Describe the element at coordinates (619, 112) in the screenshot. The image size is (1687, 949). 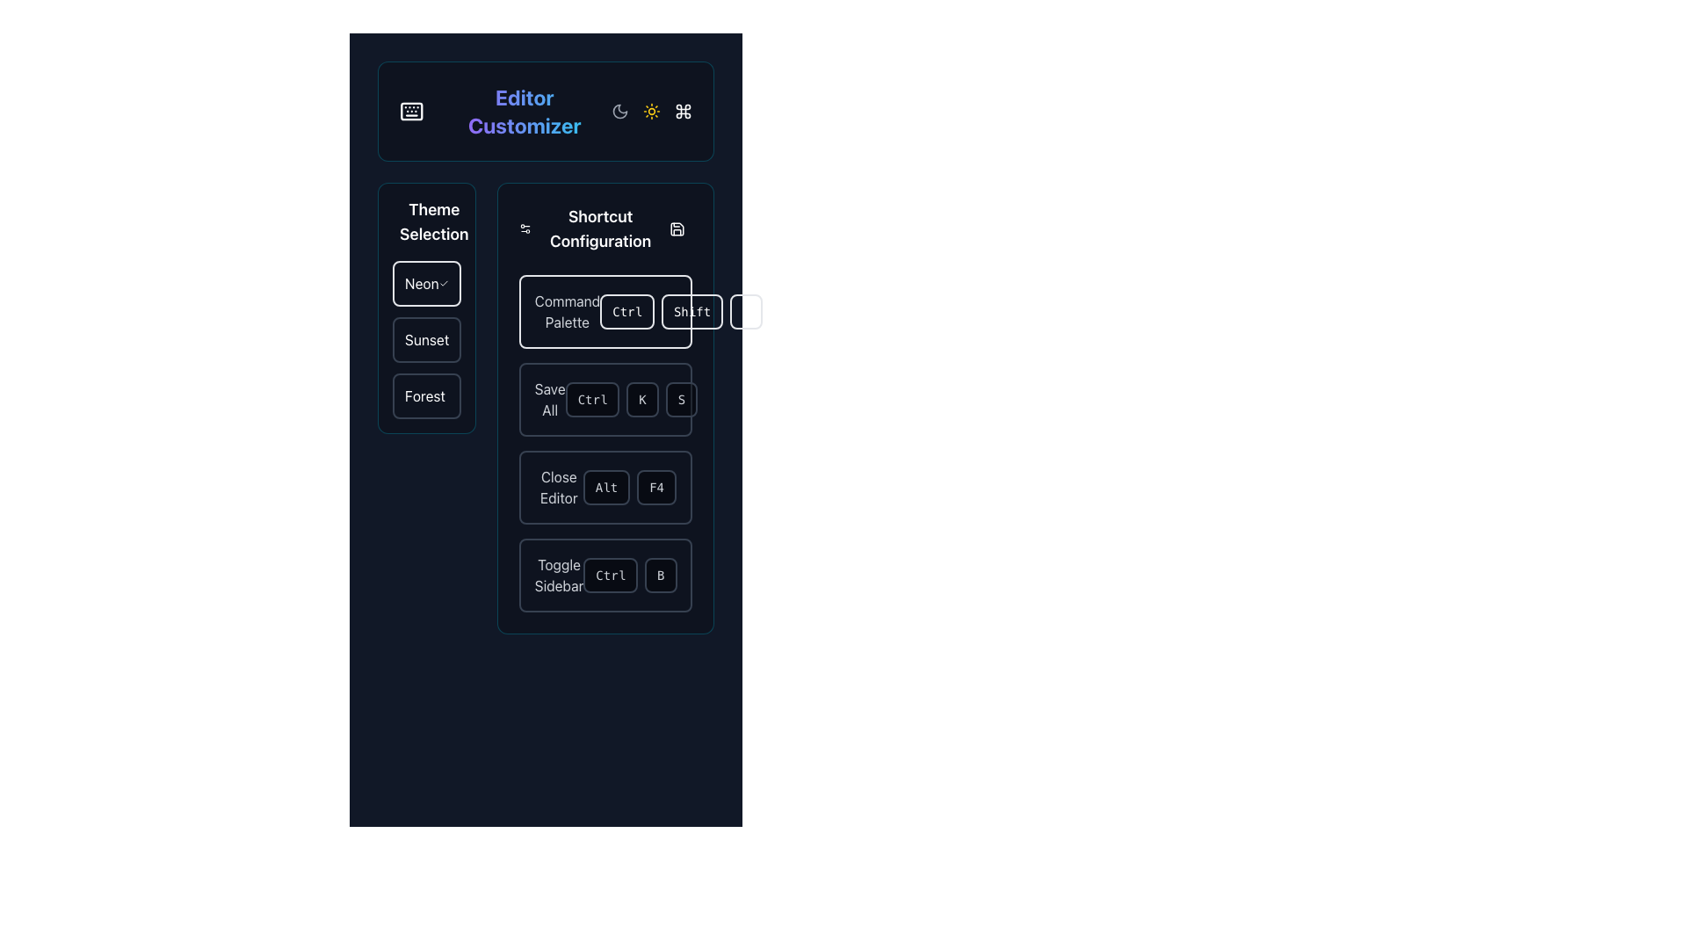
I see `the dark mode toggle icon located in the top-right corner of the 'Editor Customizer' section, adjacent to the label 'Editor Customizer'` at that location.